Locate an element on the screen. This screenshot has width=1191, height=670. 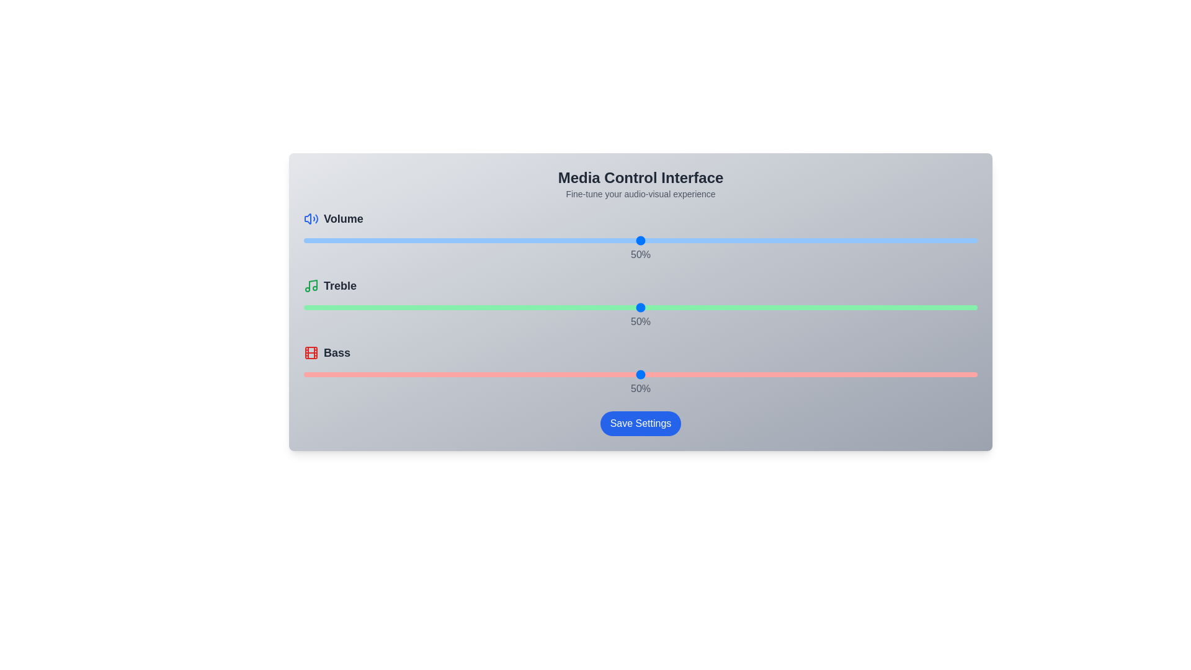
the bass level is located at coordinates (357, 374).